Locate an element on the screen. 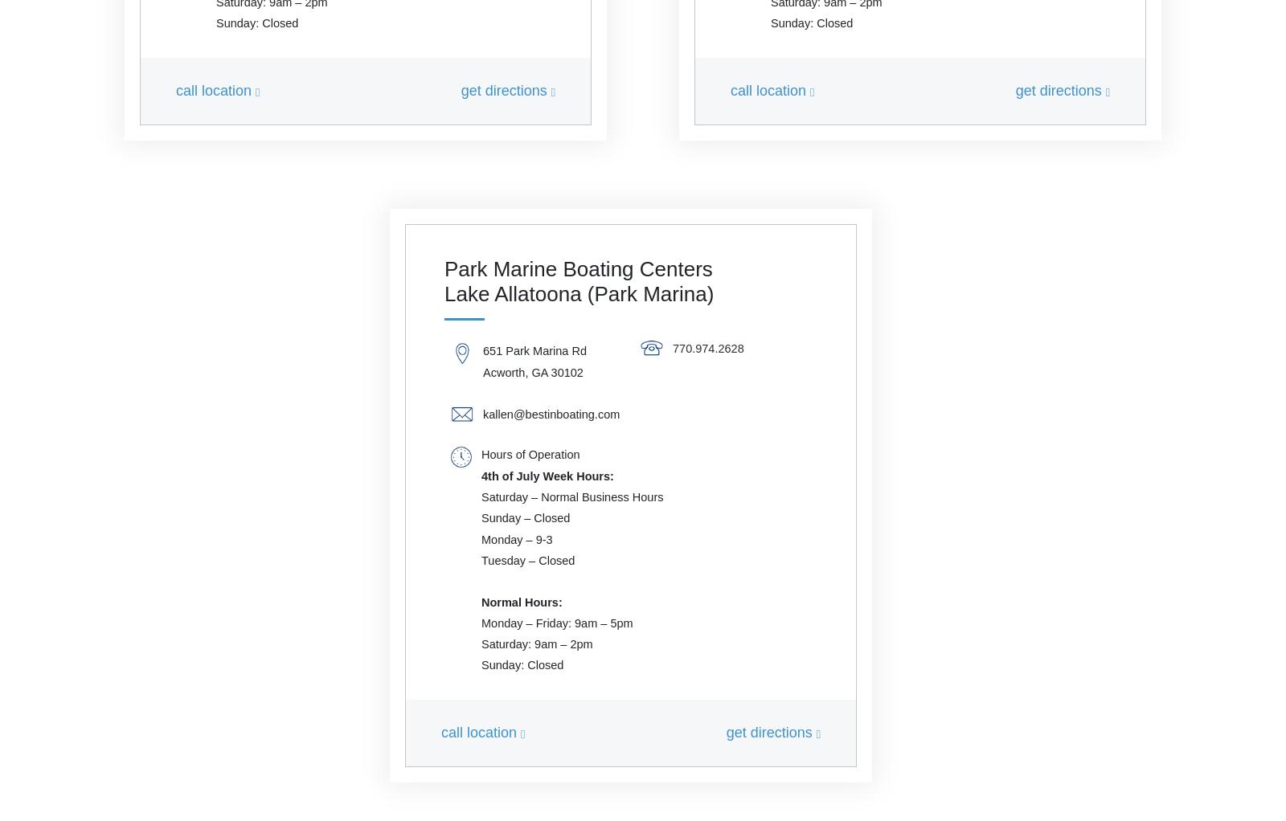 The image size is (1286, 821). 'Sunday – Closed' is located at coordinates (526, 517).